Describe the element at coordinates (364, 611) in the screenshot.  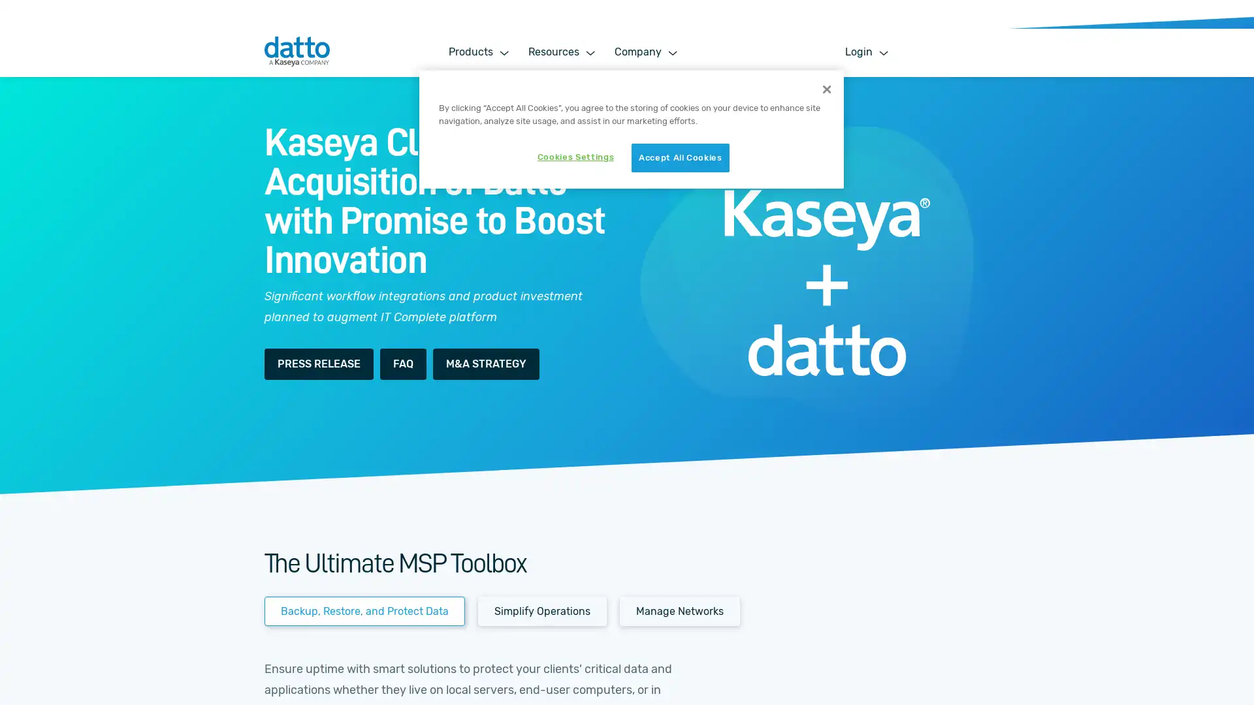
I see `Backup, Restore, and Protect Data` at that location.